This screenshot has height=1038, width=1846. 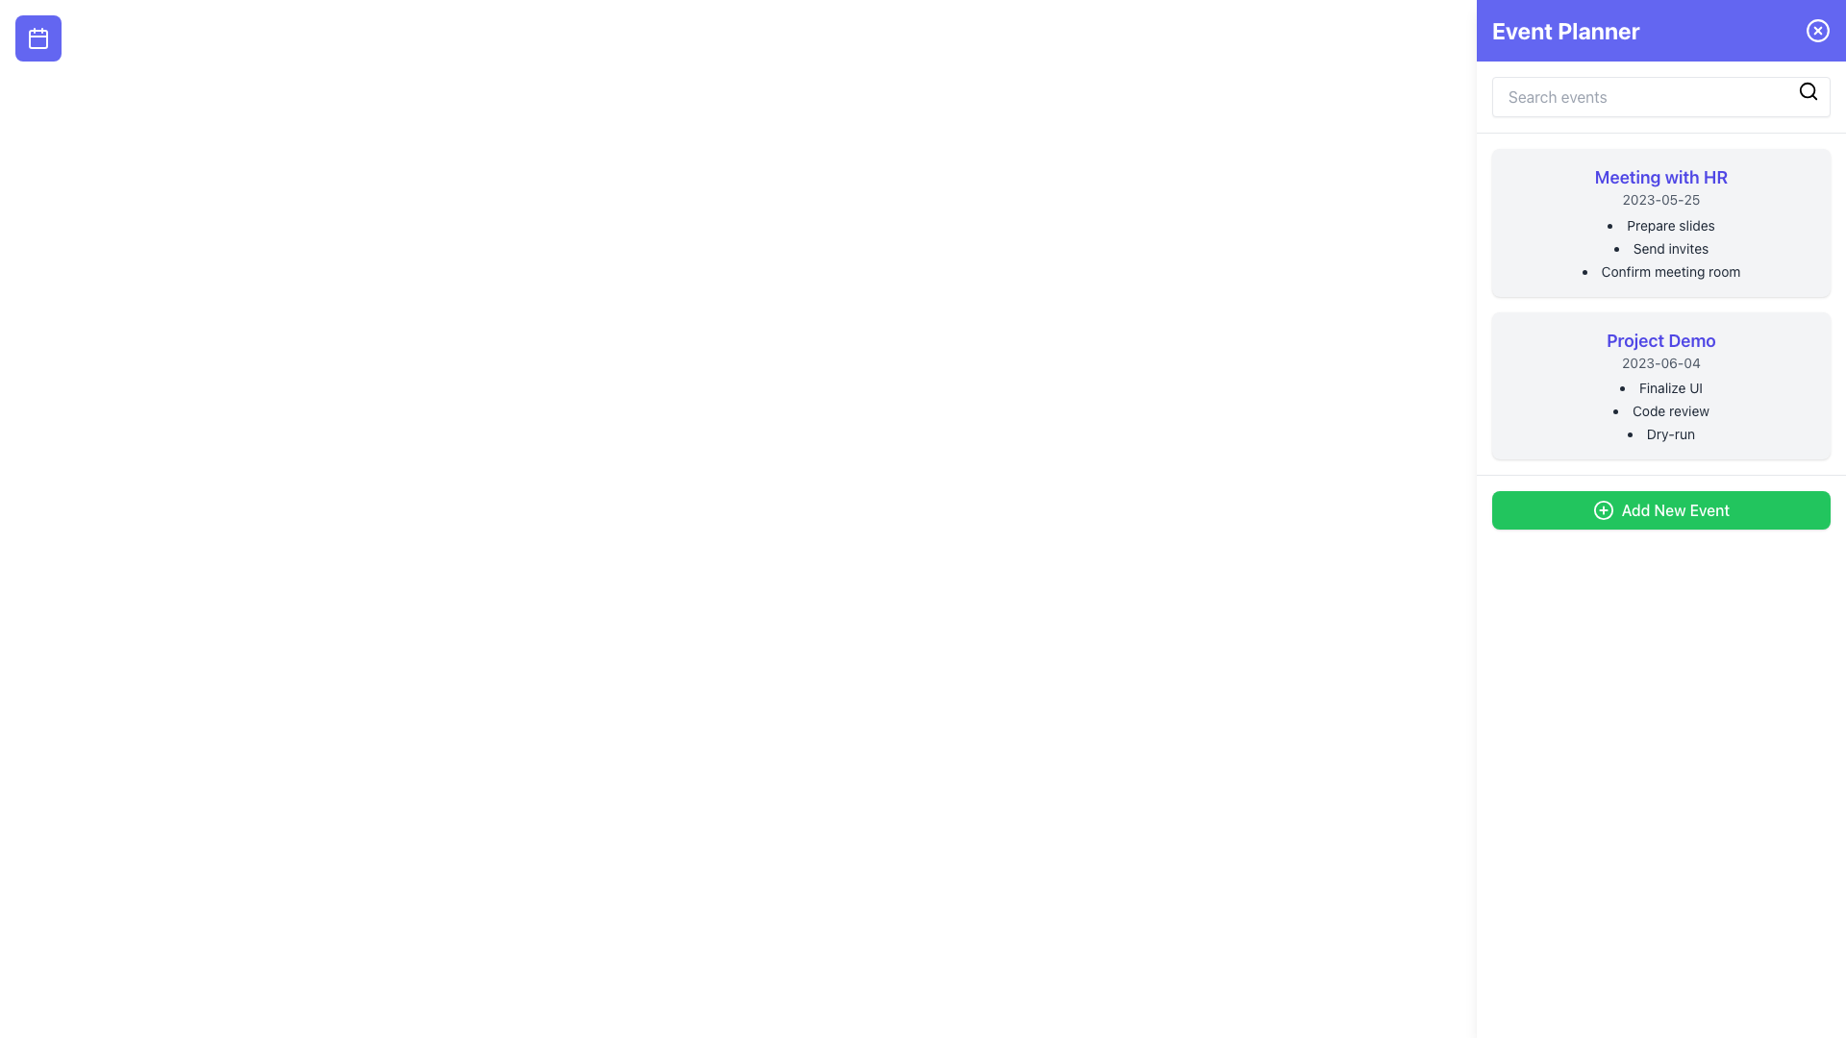 I want to click on the prominently styled text label displaying 'Project Demo' which is located within a highlighted card UI component, positioned below the 'Meeting with HR' card and above the 'Add New Event' green button, so click(x=1660, y=339).